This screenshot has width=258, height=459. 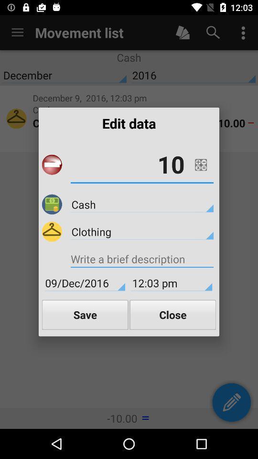 I want to click on the icon below 09/dec/2016 icon, so click(x=85, y=314).